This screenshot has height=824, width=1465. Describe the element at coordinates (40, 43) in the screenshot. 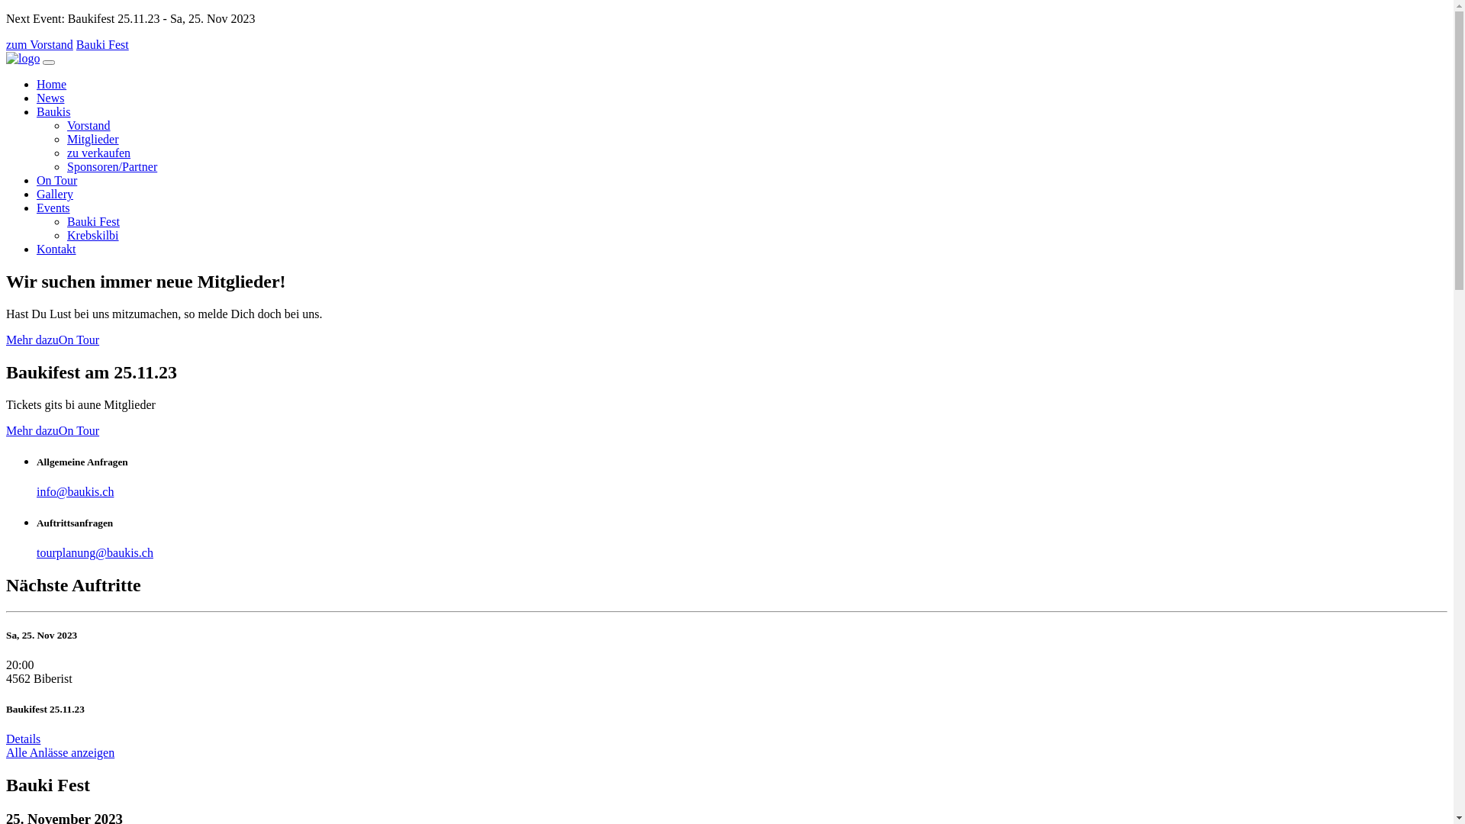

I see `'zum Vorstand'` at that location.